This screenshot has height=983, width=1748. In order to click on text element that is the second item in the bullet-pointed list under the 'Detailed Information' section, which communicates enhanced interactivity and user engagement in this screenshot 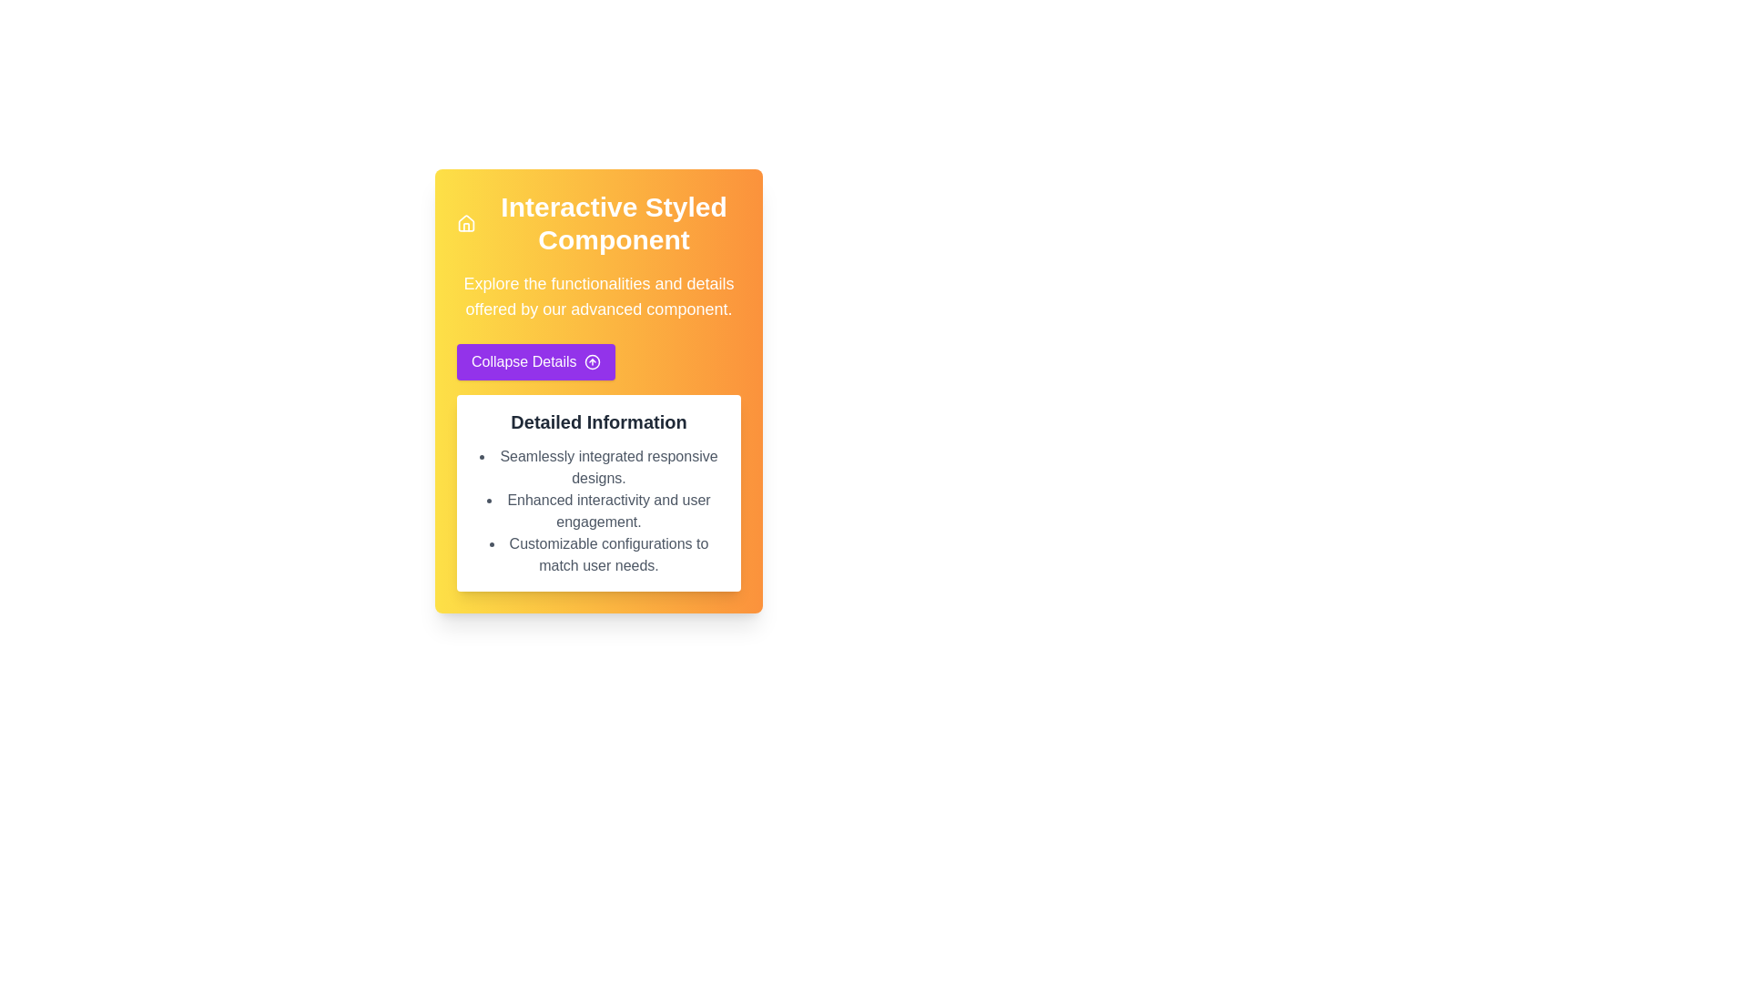, I will do `click(598, 512)`.